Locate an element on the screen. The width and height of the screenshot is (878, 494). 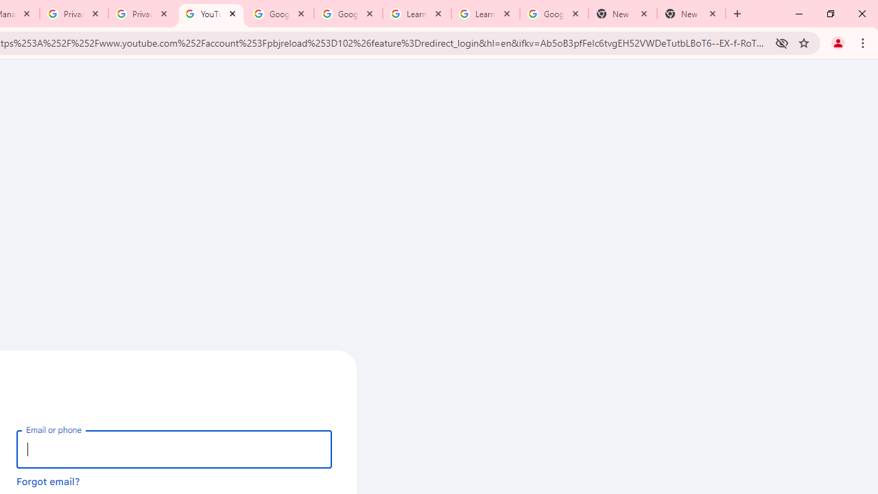
'Forgot email?' is located at coordinates (48, 480).